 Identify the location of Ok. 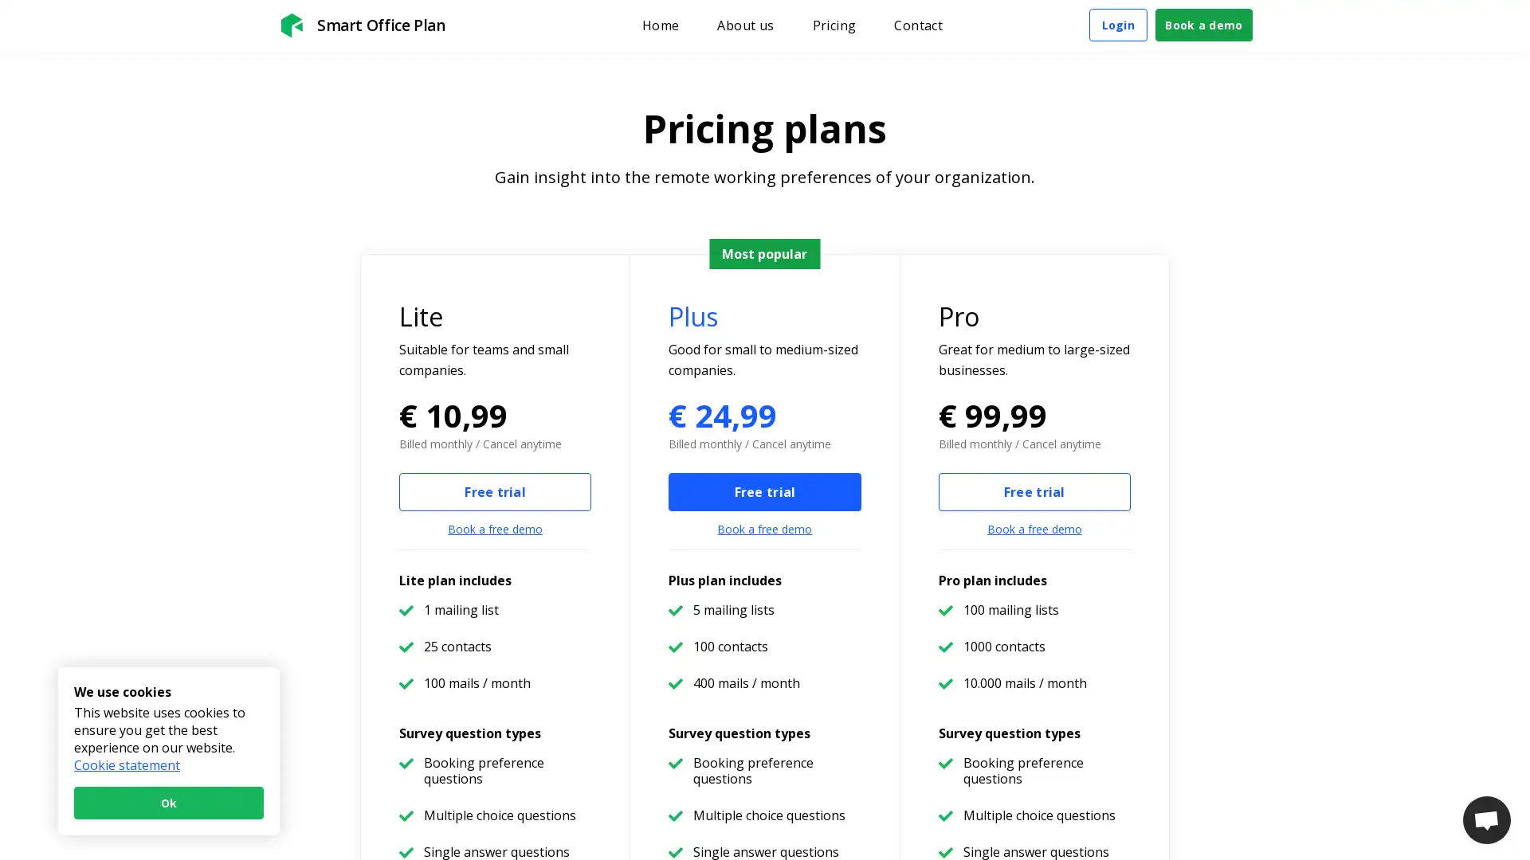
(168, 803).